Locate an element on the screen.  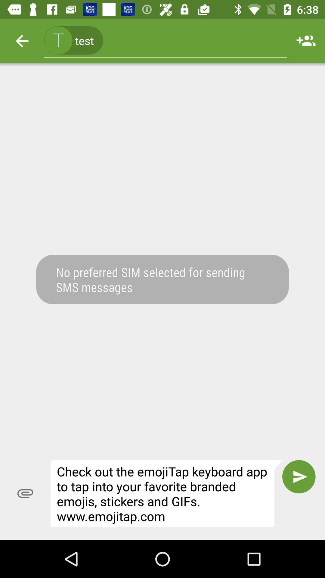
icon next to check out the is located at coordinates (299, 476).